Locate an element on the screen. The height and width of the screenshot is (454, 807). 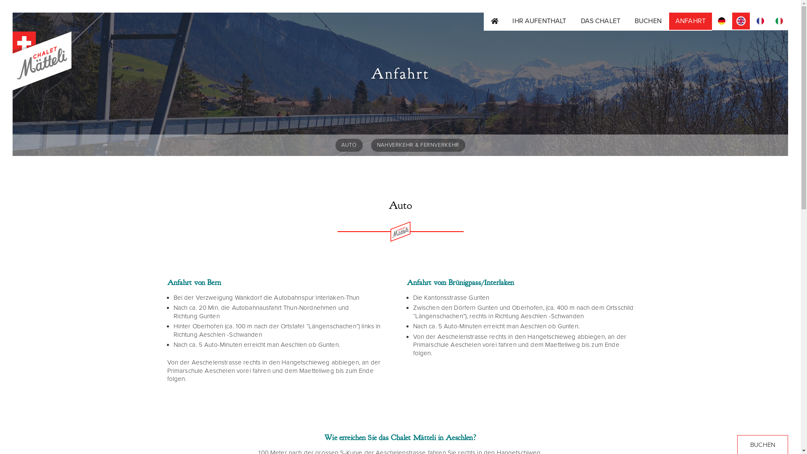
'DAS CHALET' is located at coordinates (600, 21).